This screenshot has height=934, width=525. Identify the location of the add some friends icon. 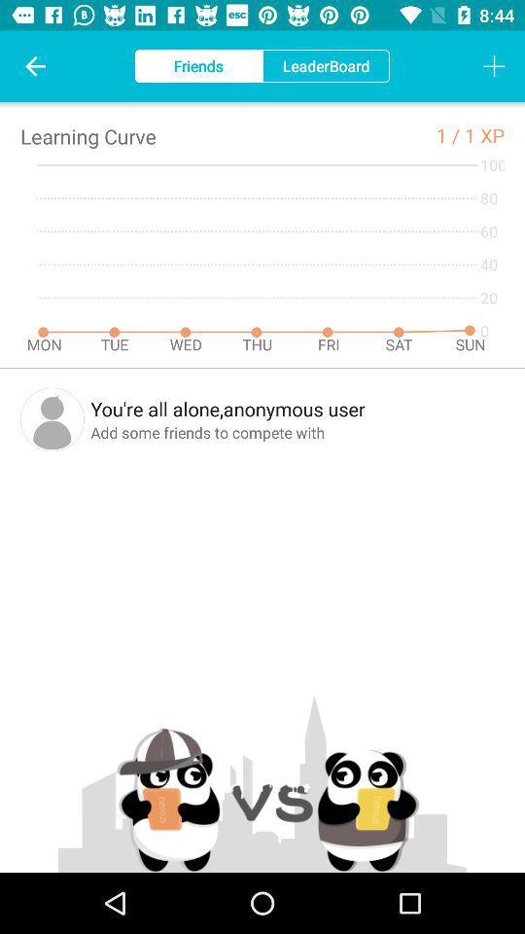
(297, 432).